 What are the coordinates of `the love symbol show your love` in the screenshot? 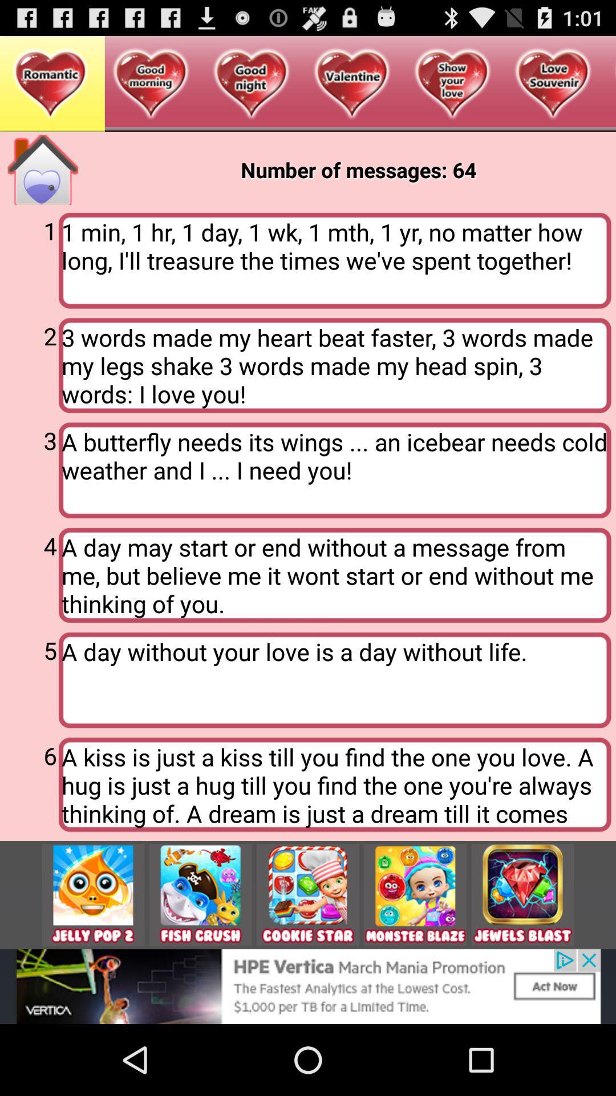 It's located at (452, 84).